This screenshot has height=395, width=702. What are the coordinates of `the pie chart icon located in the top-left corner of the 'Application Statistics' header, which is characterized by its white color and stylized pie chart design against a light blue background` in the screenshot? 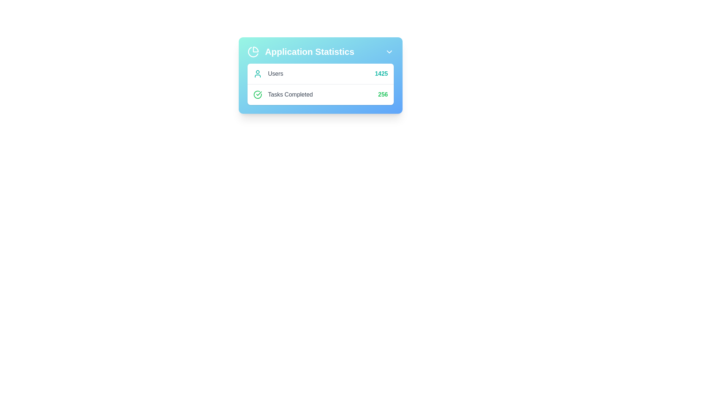 It's located at (253, 52).